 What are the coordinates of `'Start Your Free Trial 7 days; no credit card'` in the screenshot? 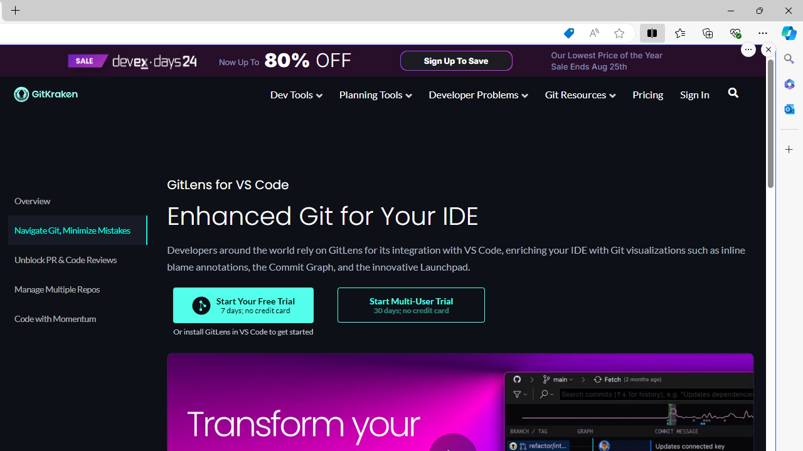 It's located at (243, 305).